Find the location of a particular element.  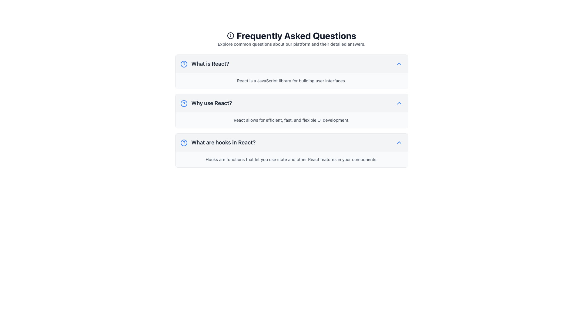

the second FAQ item with the question 'Why use React?' is located at coordinates (291, 101).